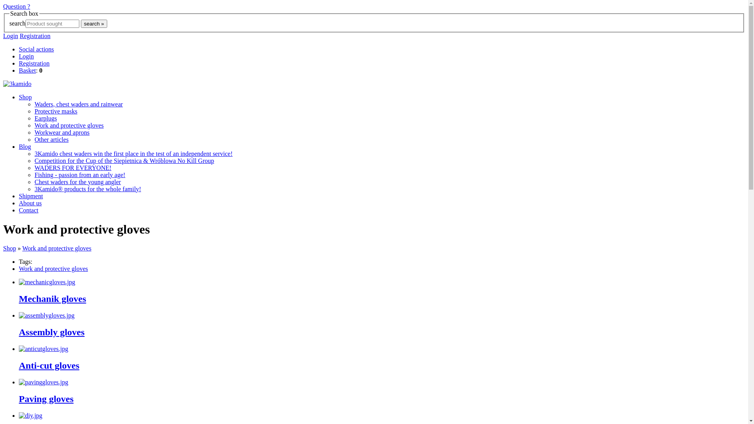  I want to click on 'Blog', so click(19, 146).